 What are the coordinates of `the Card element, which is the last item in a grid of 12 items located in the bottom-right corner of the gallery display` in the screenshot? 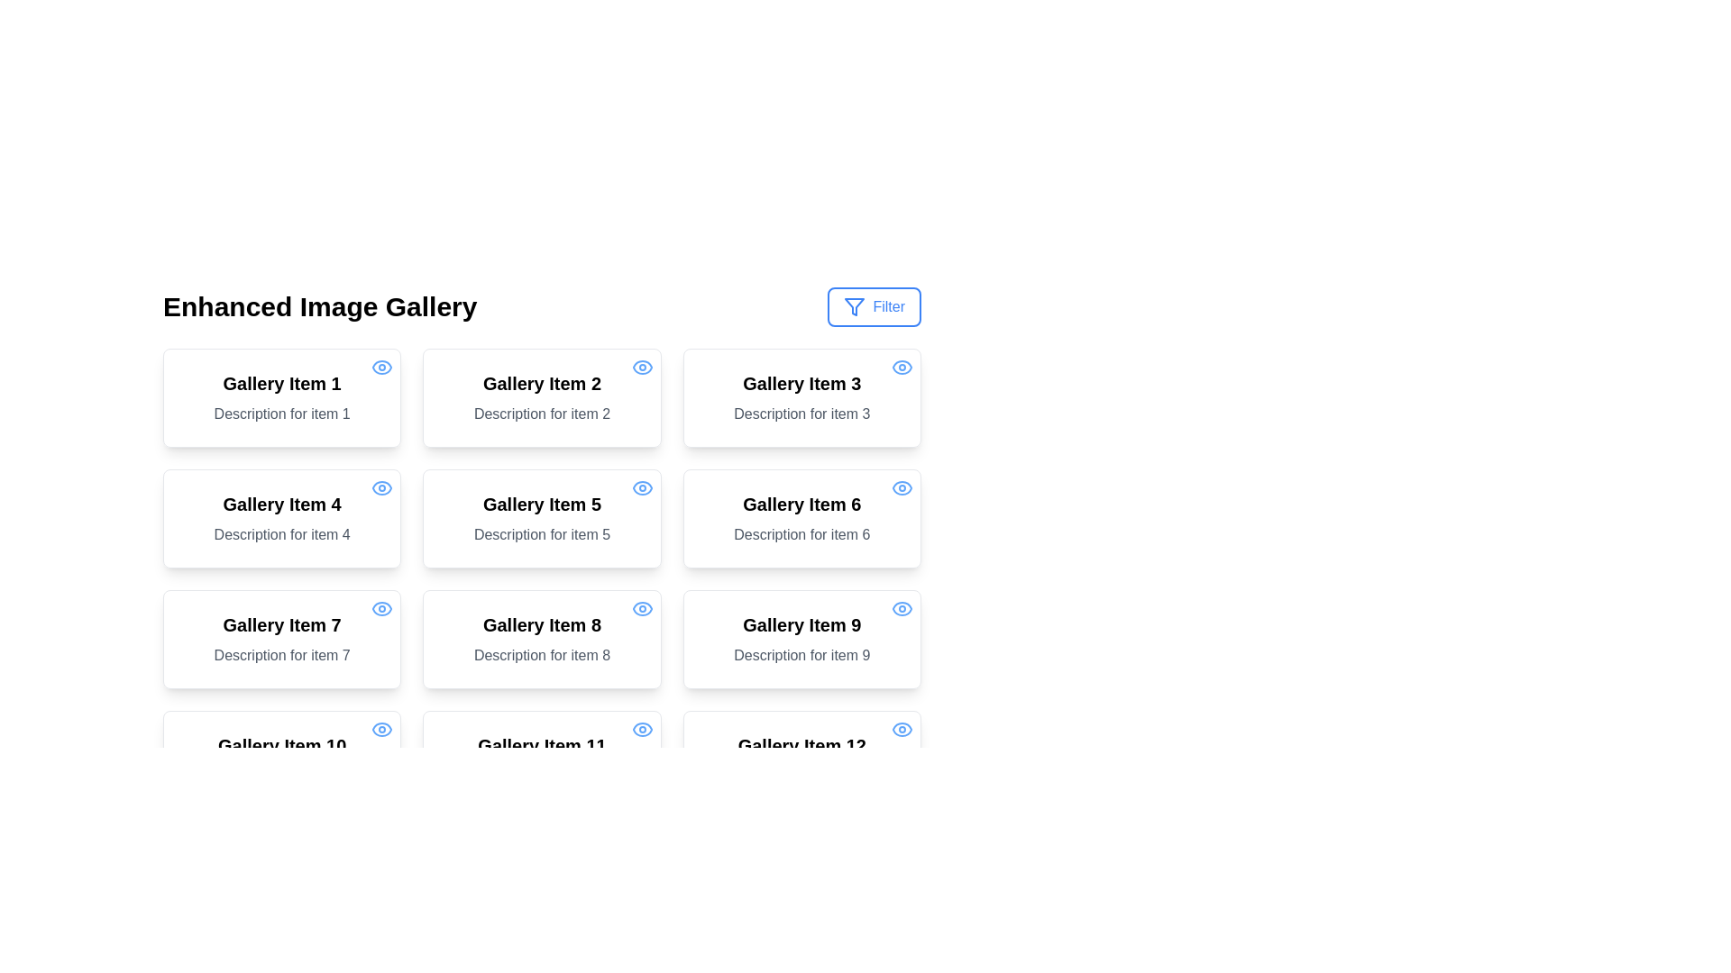 It's located at (801, 760).